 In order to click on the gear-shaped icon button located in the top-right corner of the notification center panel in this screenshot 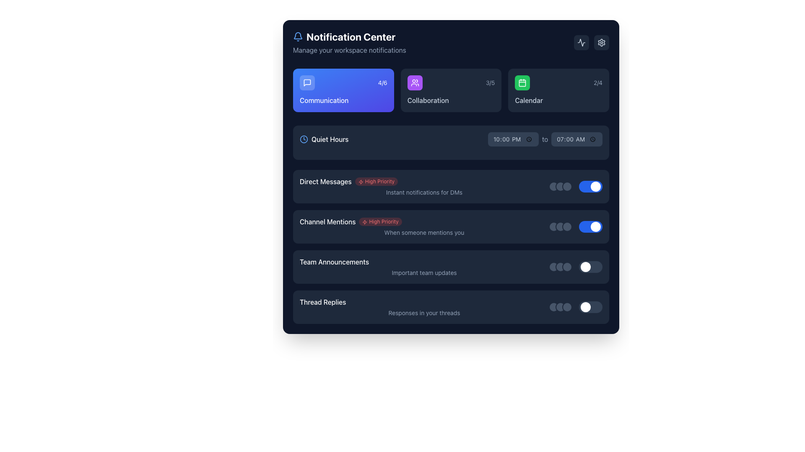, I will do `click(601, 42)`.